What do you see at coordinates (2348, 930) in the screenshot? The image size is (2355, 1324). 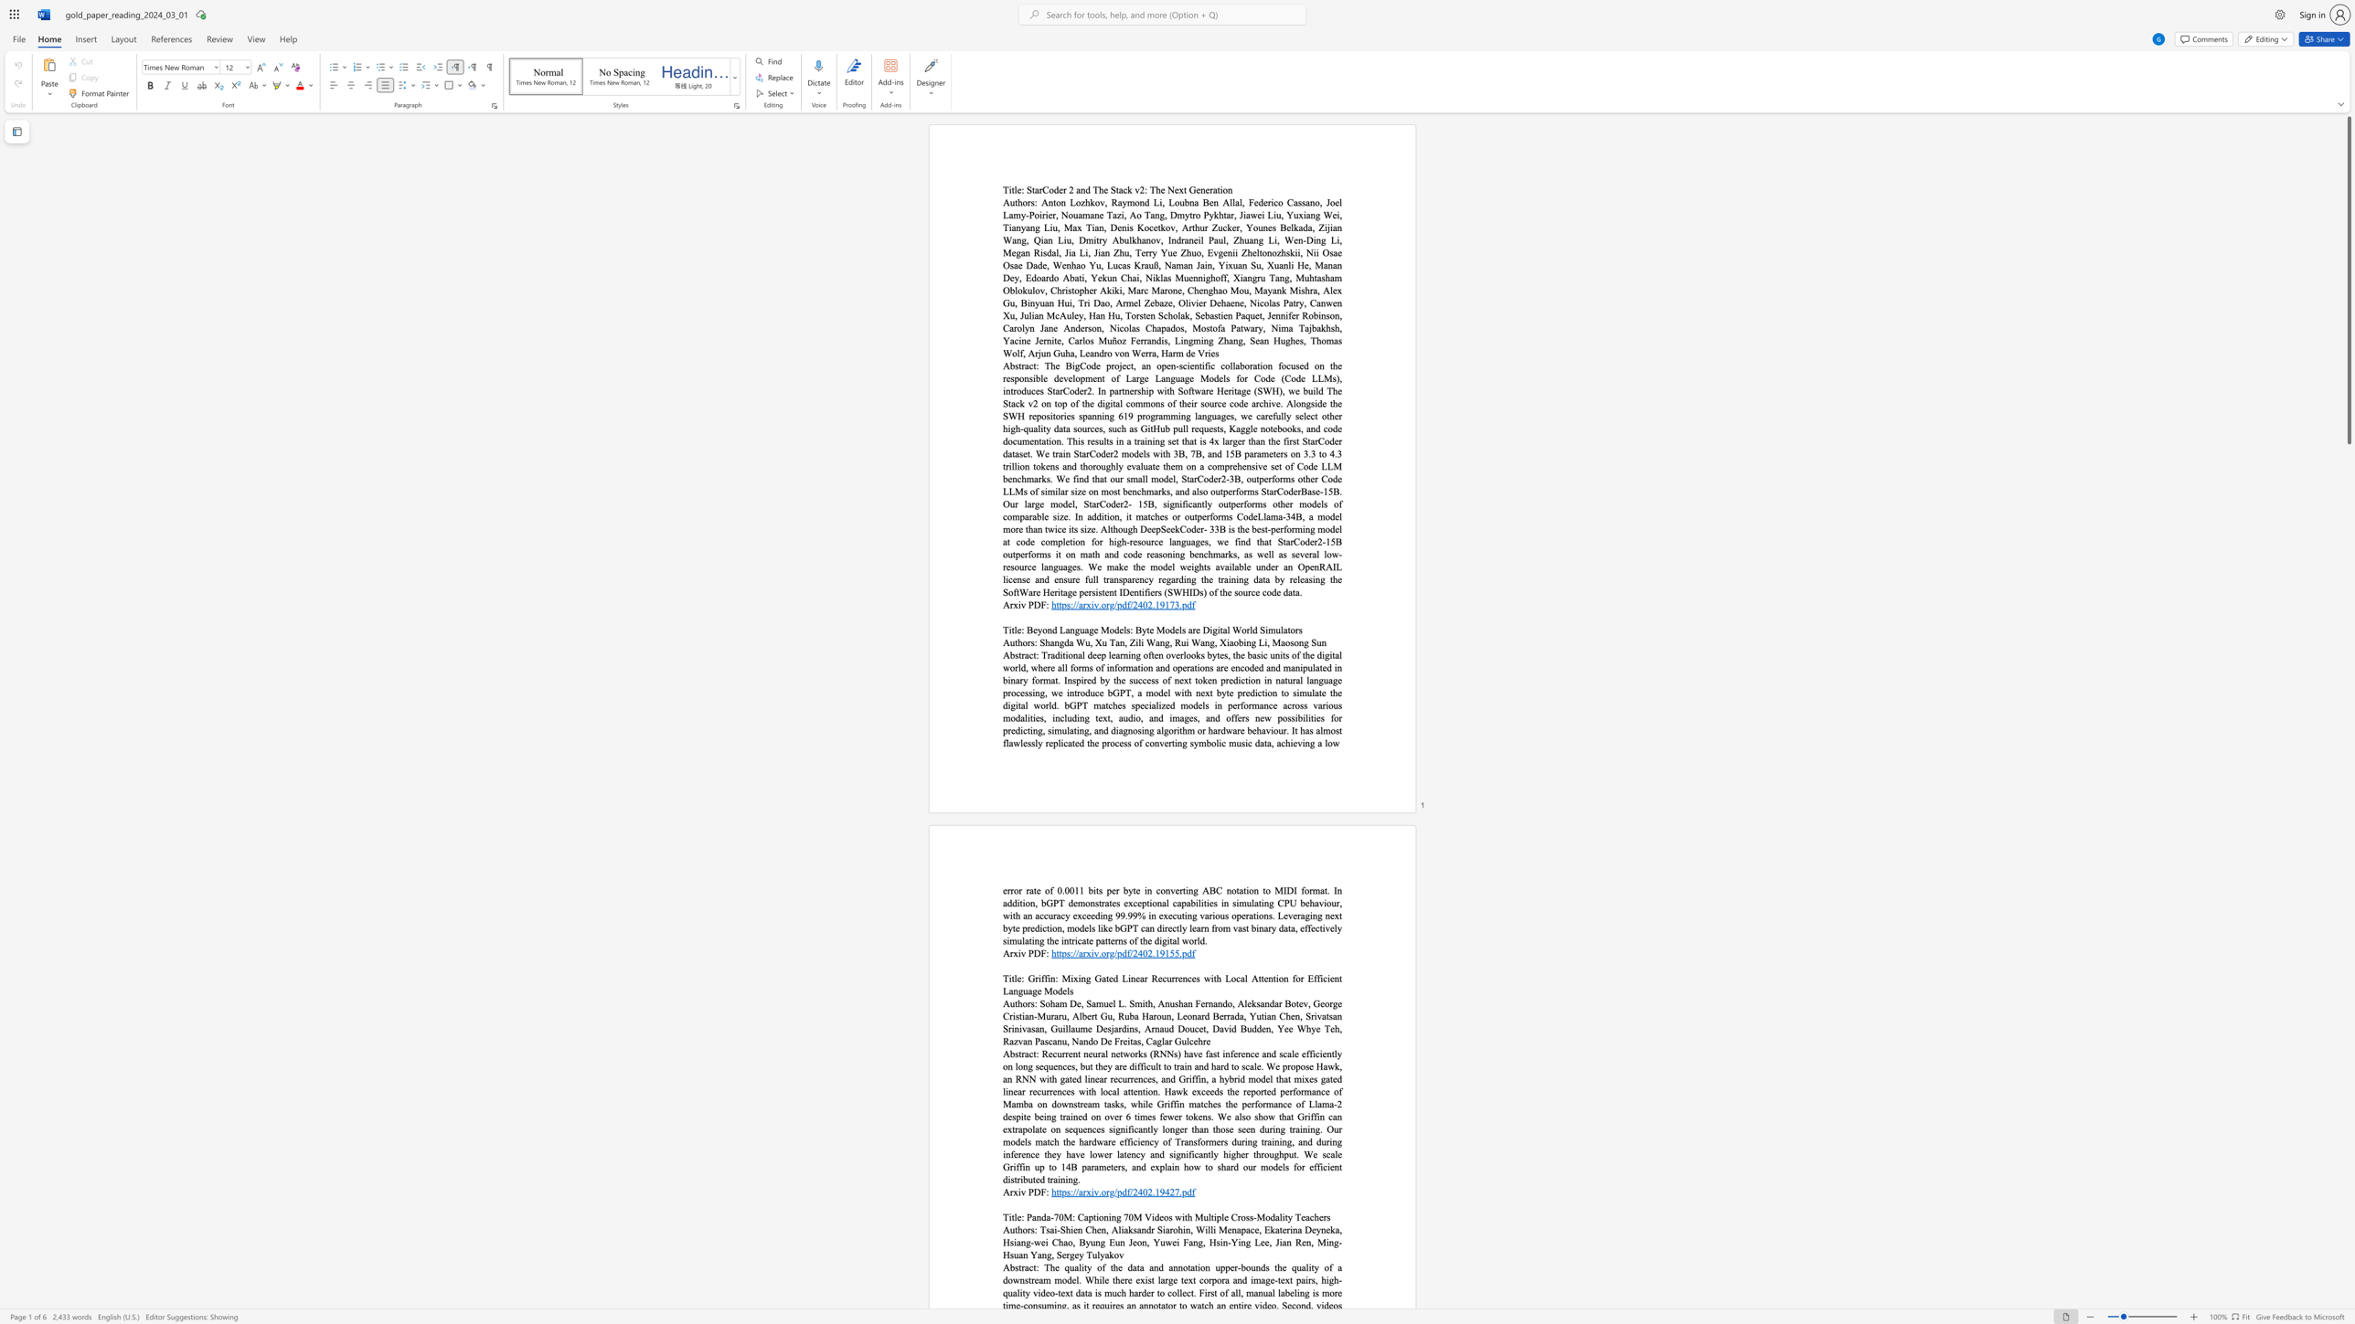 I see `the scrollbar to scroll the page down` at bounding box center [2348, 930].